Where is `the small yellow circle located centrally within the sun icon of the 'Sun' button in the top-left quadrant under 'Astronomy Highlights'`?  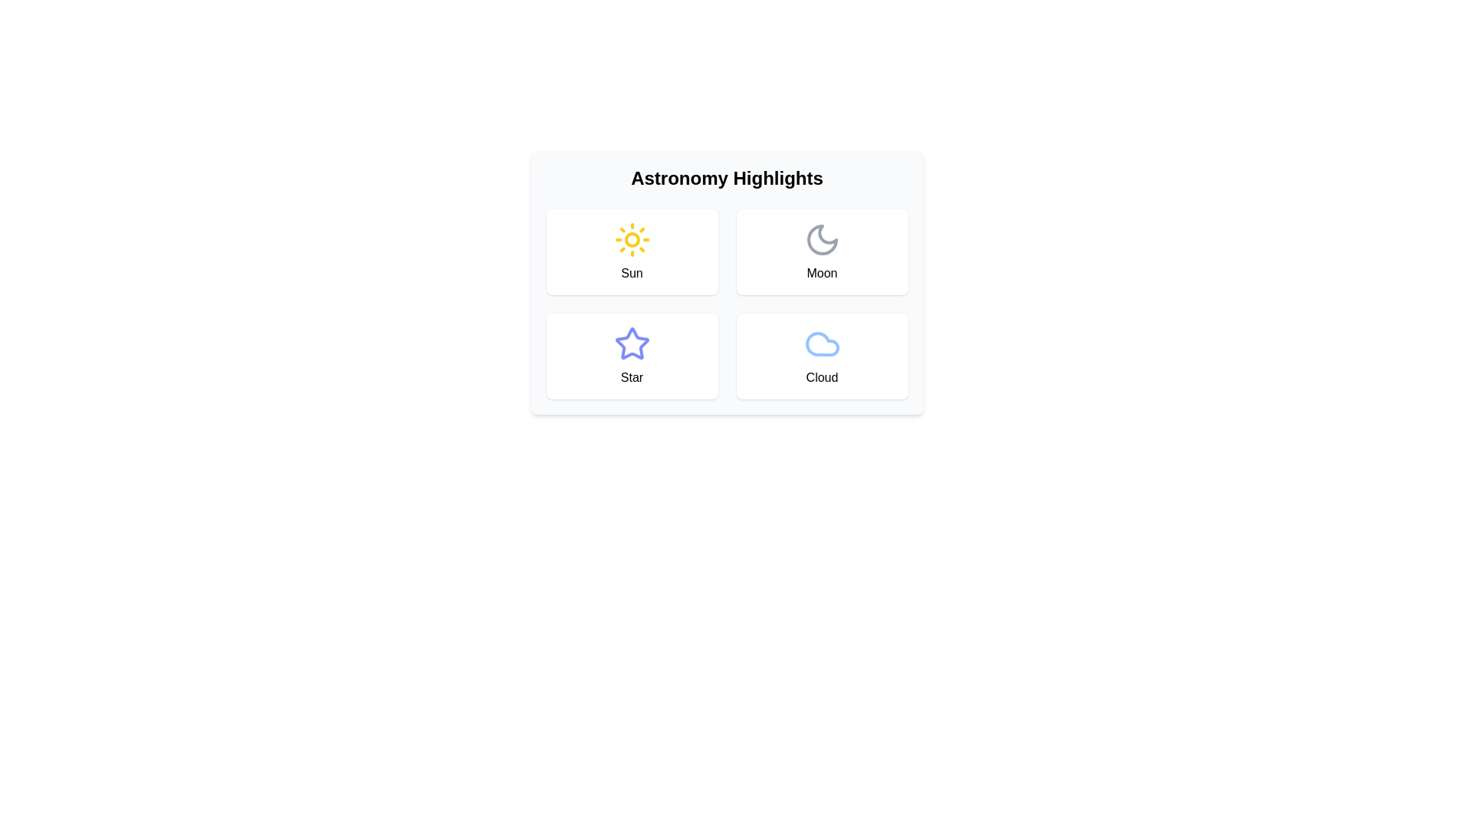 the small yellow circle located centrally within the sun icon of the 'Sun' button in the top-left quadrant under 'Astronomy Highlights' is located at coordinates (632, 239).